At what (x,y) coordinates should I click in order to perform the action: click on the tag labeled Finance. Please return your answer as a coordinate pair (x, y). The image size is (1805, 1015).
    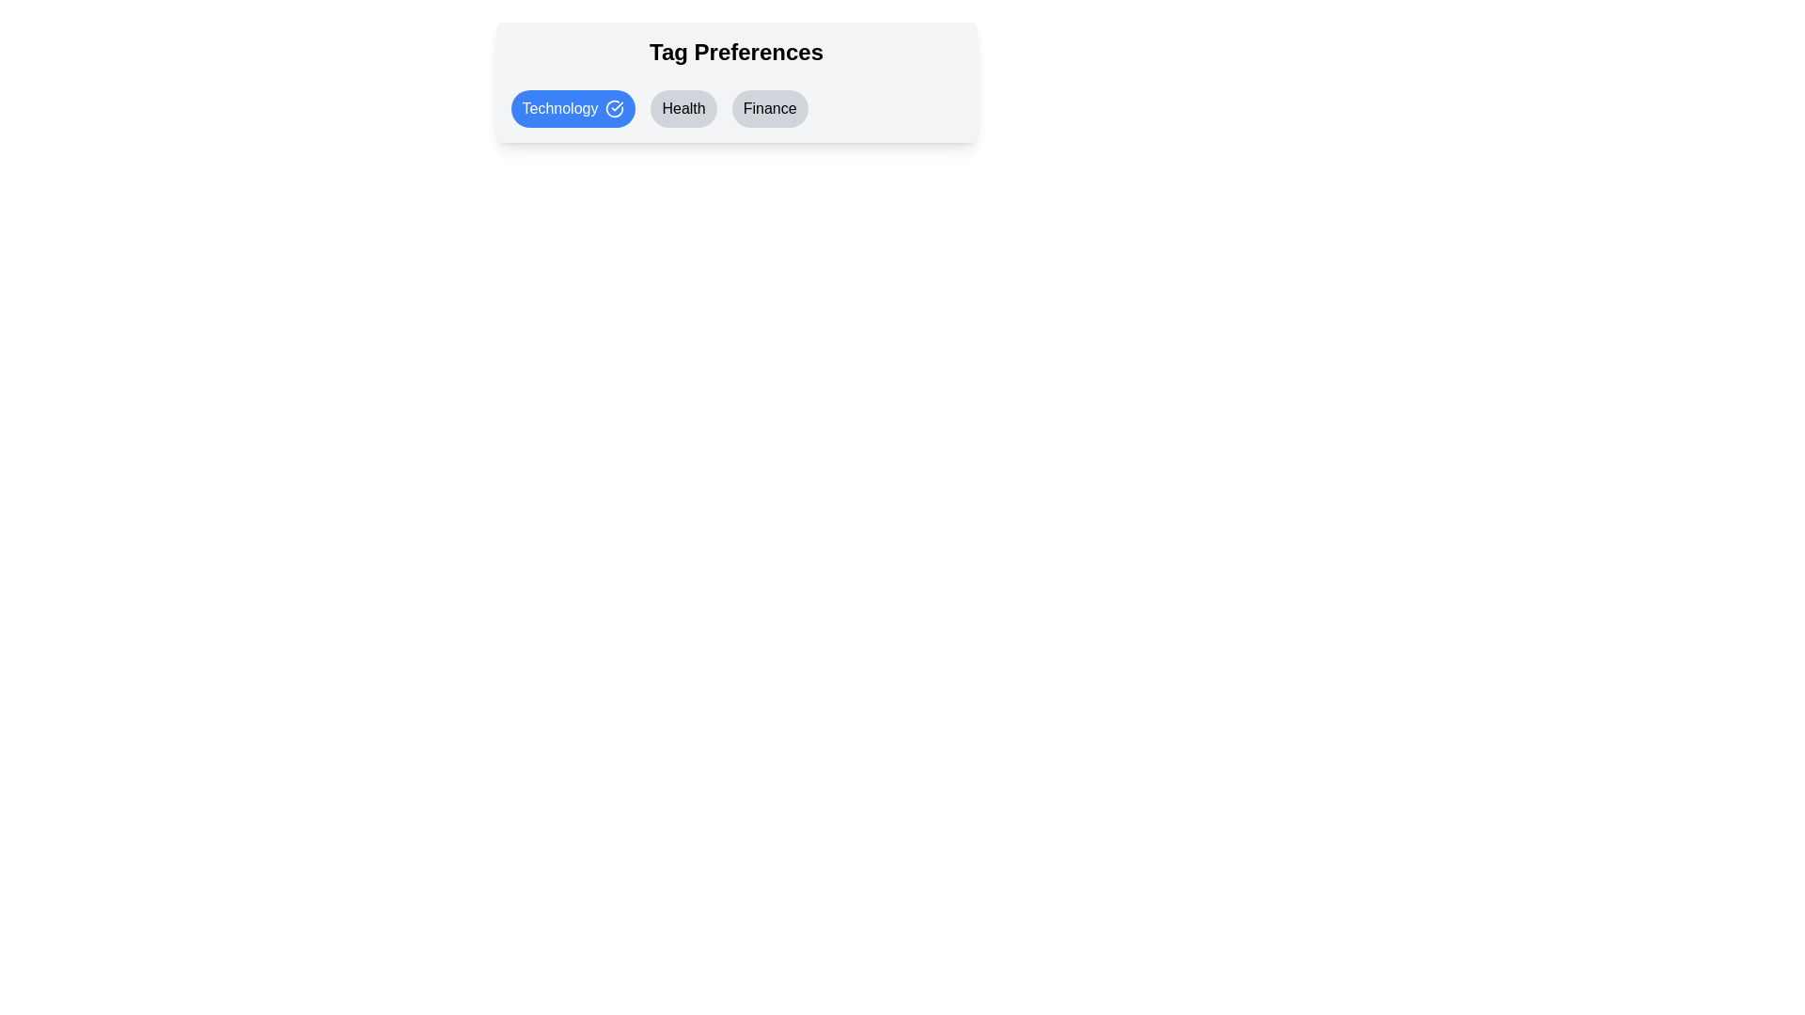
    Looking at the image, I should click on (770, 108).